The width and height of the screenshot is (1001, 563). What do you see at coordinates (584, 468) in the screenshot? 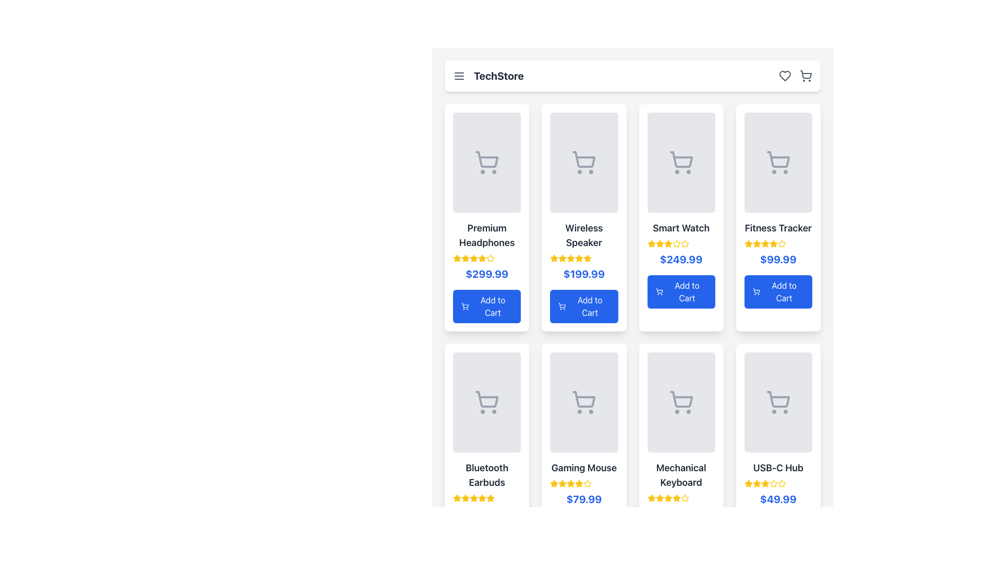
I see `the text element displaying 'Gaming Mouse', which is styled in bold and located in the product card layout above the price of $79.99` at bounding box center [584, 468].